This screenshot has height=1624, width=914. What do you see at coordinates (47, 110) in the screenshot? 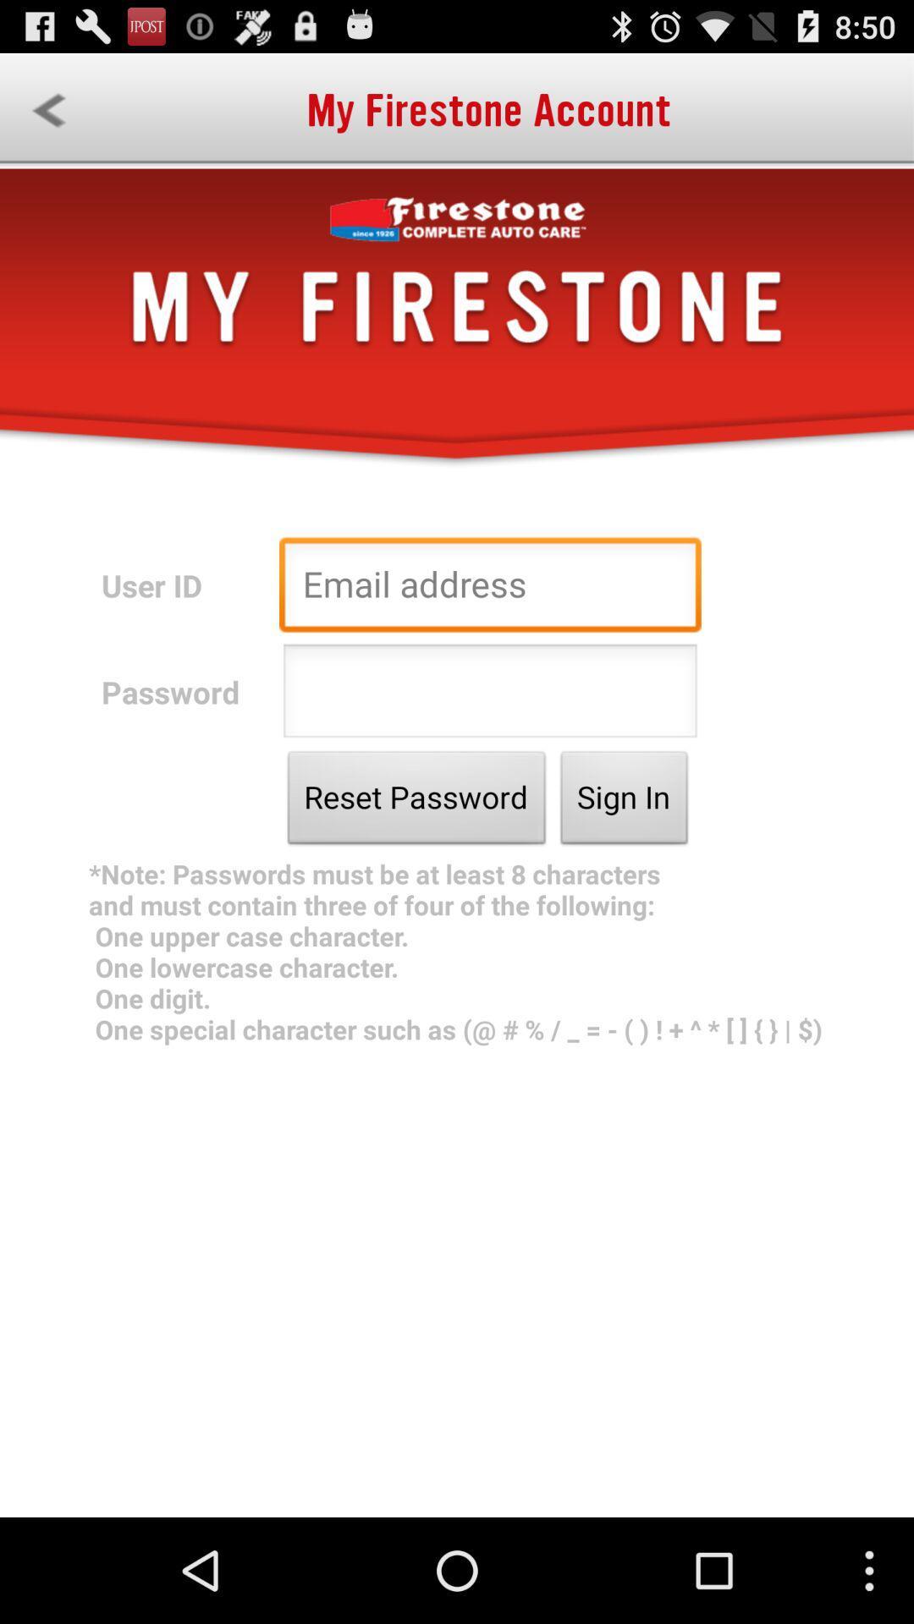
I see `the app next to my firestone account` at bounding box center [47, 110].